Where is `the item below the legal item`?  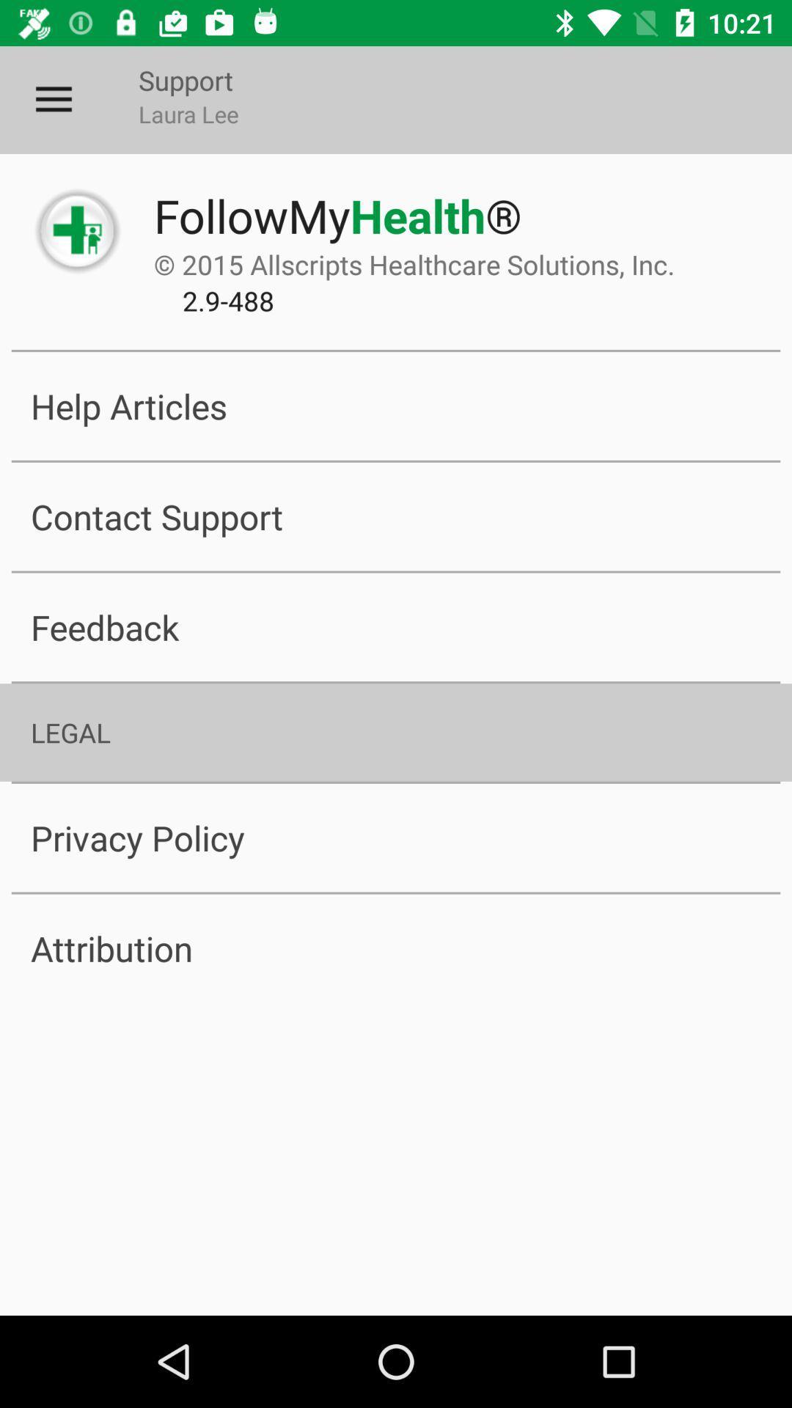 the item below the legal item is located at coordinates (396, 837).